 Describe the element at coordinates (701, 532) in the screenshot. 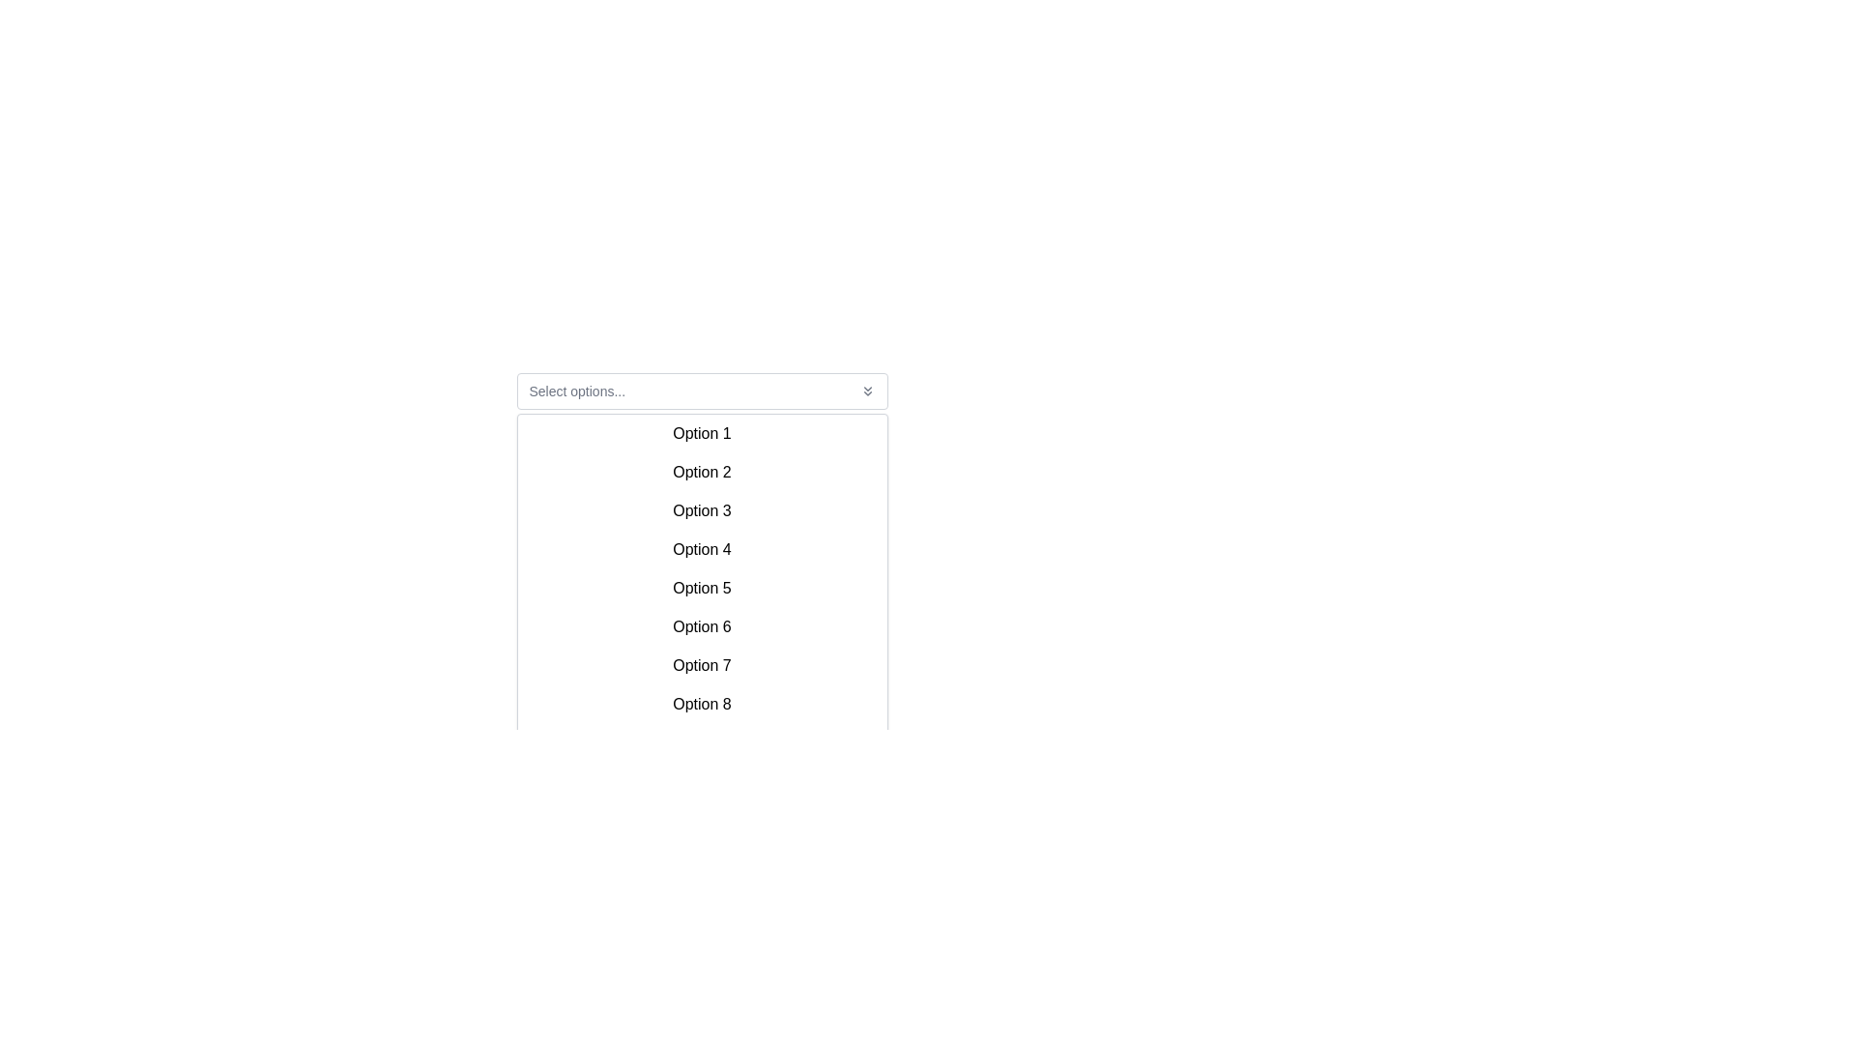

I see `an option from the vertically oriented selection list or dropdown menu that has a white background and options labeled from 'Option 1' to 'Option 20'` at that location.